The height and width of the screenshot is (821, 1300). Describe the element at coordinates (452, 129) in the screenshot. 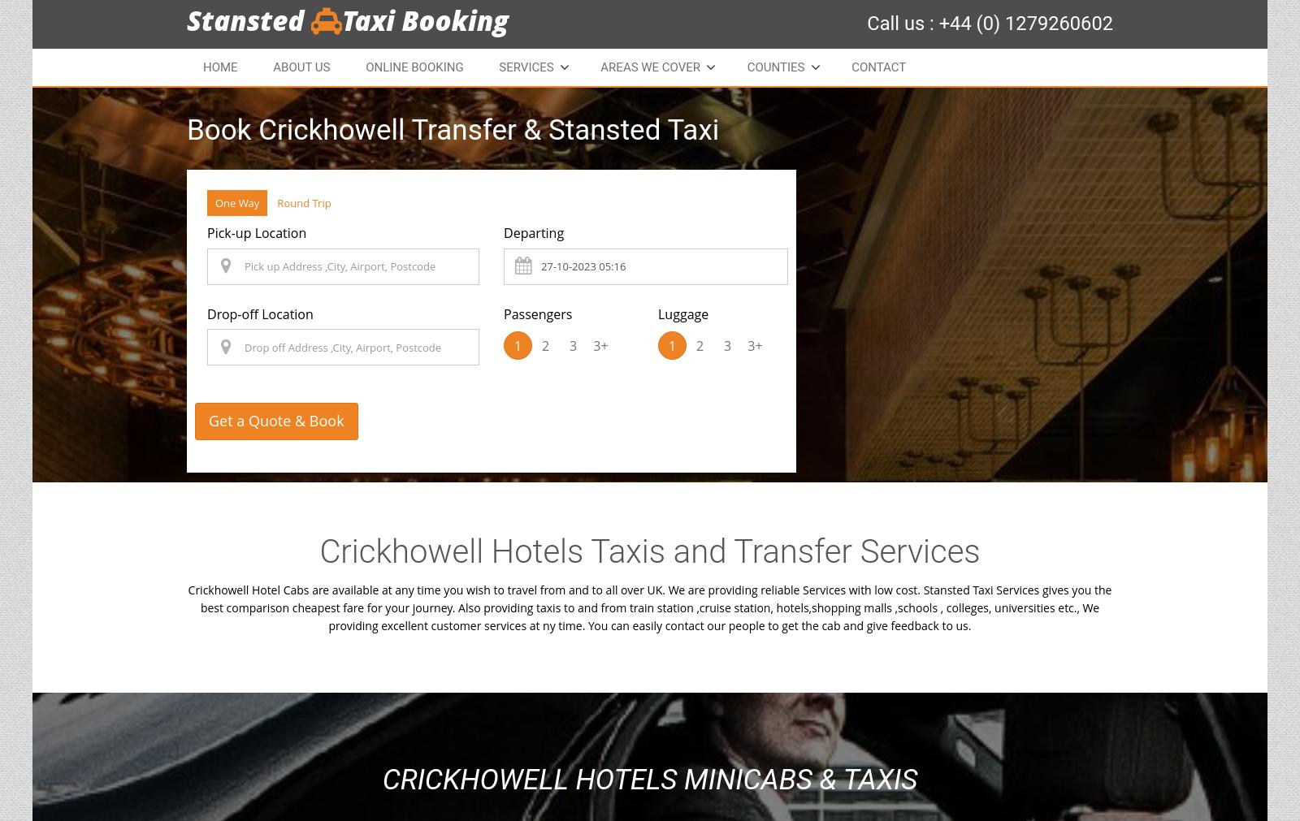

I see `'Book Crickhowell transfer & Stansted Taxi'` at that location.